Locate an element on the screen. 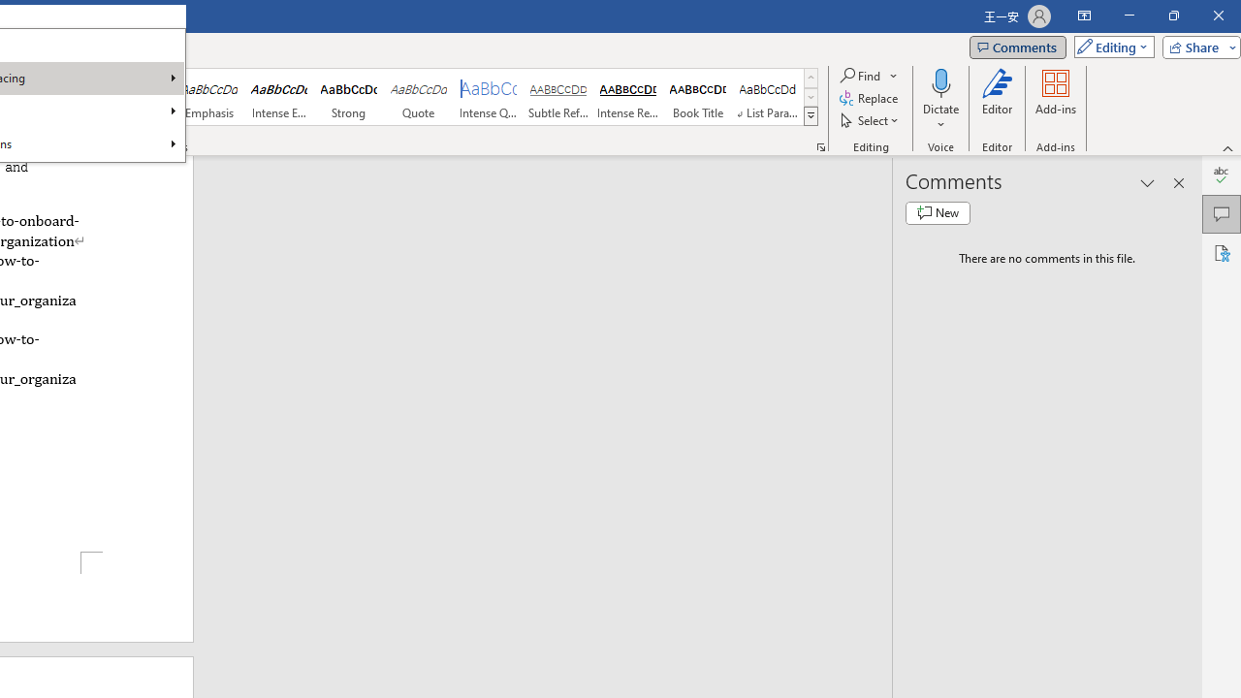 This screenshot has width=1241, height=698. 'Comments' is located at coordinates (1016, 46).